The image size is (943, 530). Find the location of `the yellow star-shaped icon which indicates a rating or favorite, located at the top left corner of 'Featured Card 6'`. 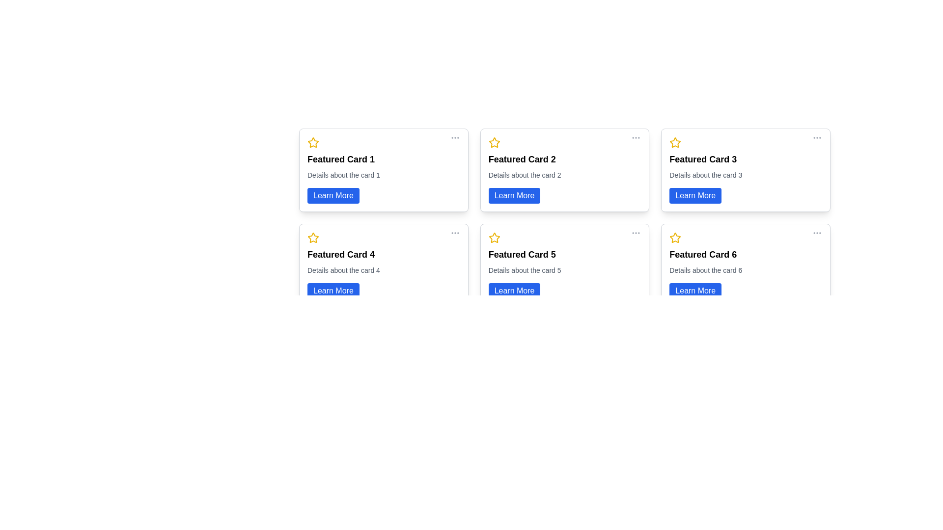

the yellow star-shaped icon which indicates a rating or favorite, located at the top left corner of 'Featured Card 6' is located at coordinates (675, 238).